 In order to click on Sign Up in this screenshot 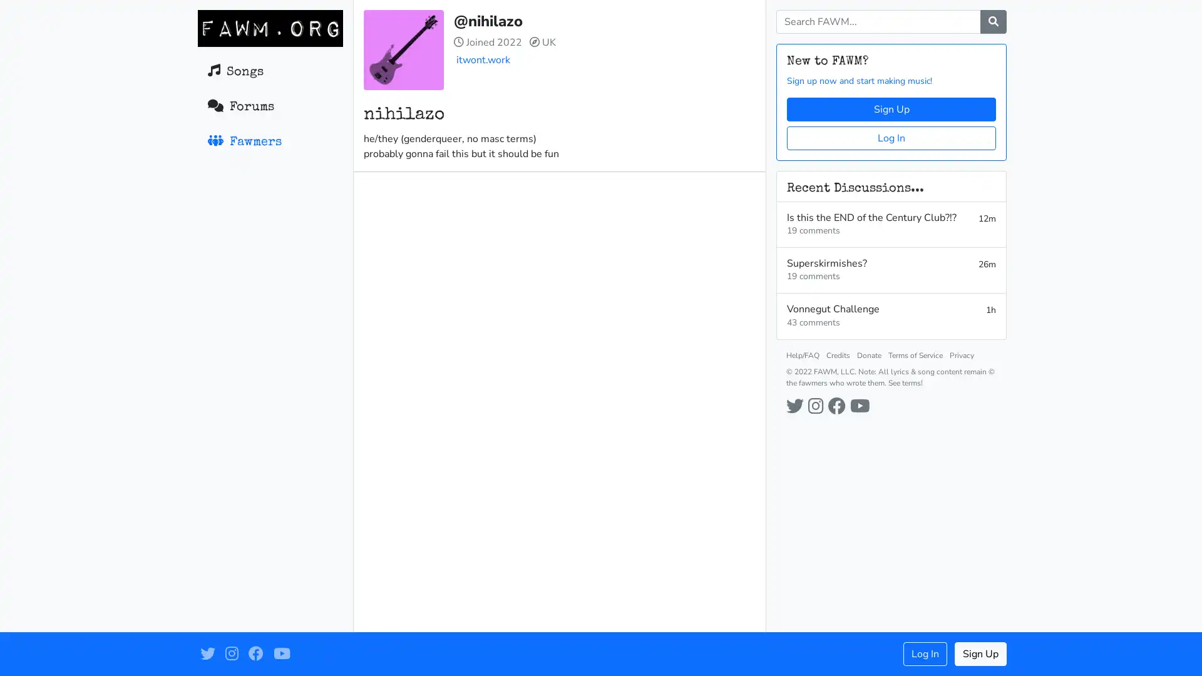, I will do `click(891, 108)`.